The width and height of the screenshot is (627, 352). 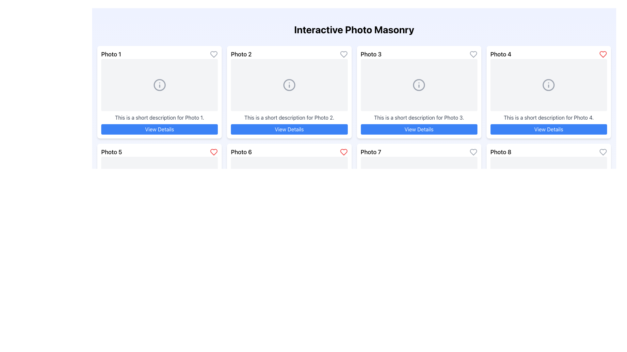 What do you see at coordinates (343, 54) in the screenshot?
I see `the heart-shaped icon button in the top-right corner of the card labeled 'Photo 2'` at bounding box center [343, 54].